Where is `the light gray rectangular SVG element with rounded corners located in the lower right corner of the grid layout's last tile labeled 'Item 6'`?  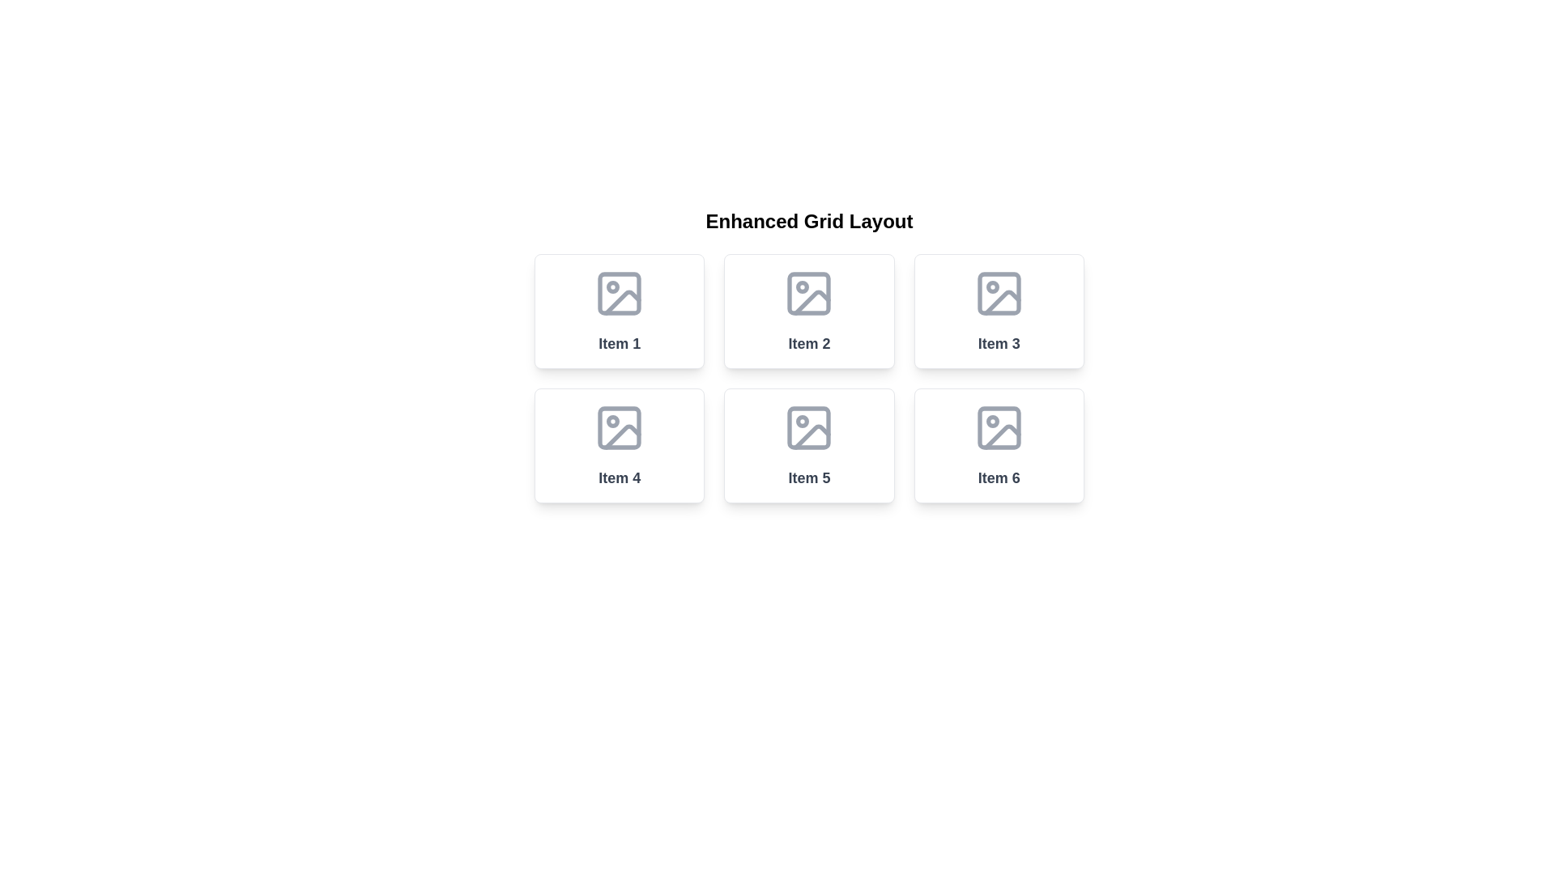 the light gray rectangular SVG element with rounded corners located in the lower right corner of the grid layout's last tile labeled 'Item 6' is located at coordinates (998, 426).